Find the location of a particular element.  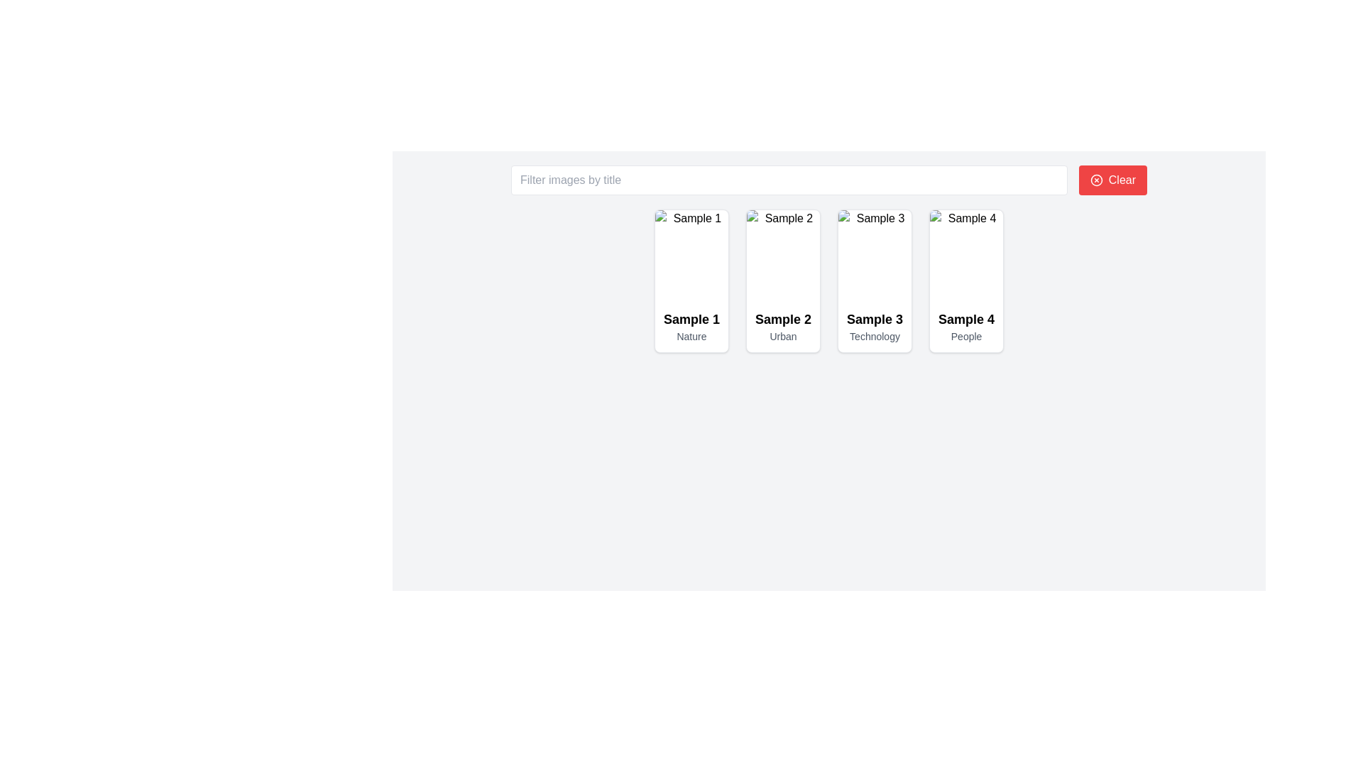

the image component within the second card of the grid, which visually represents 'Sample 2' and is positioned above the textual descriptions is located at coordinates (782, 254).